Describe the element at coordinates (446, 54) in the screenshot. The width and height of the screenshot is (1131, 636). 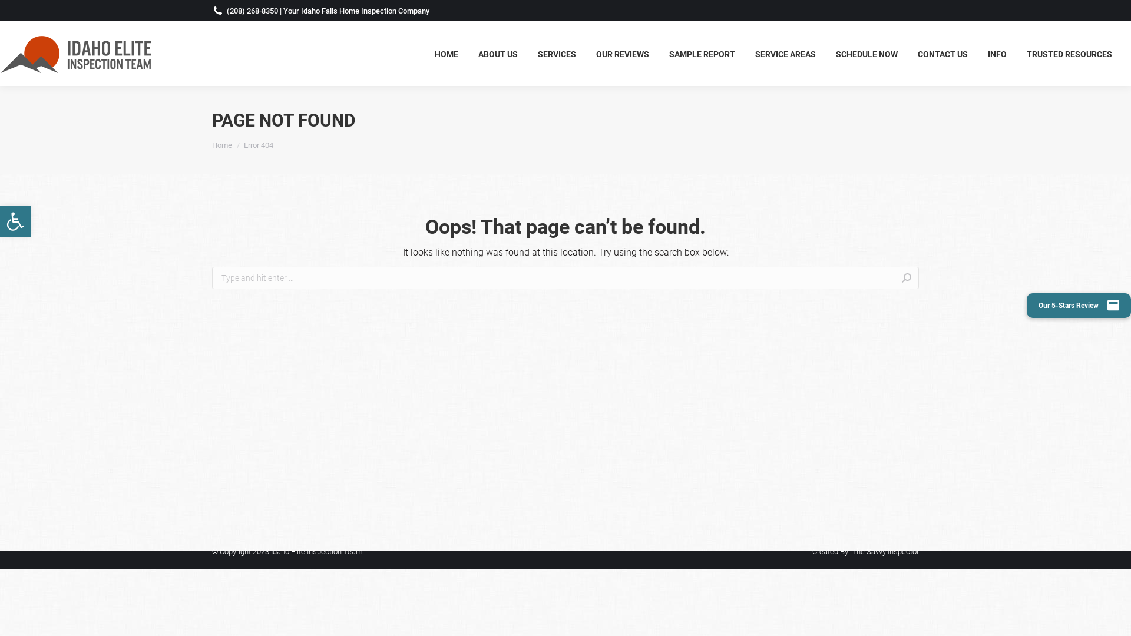
I see `'HOME'` at that location.